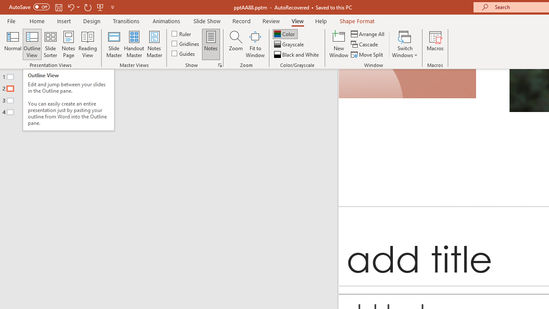 The width and height of the screenshot is (549, 309). I want to click on 'Fit to Window', so click(255, 44).